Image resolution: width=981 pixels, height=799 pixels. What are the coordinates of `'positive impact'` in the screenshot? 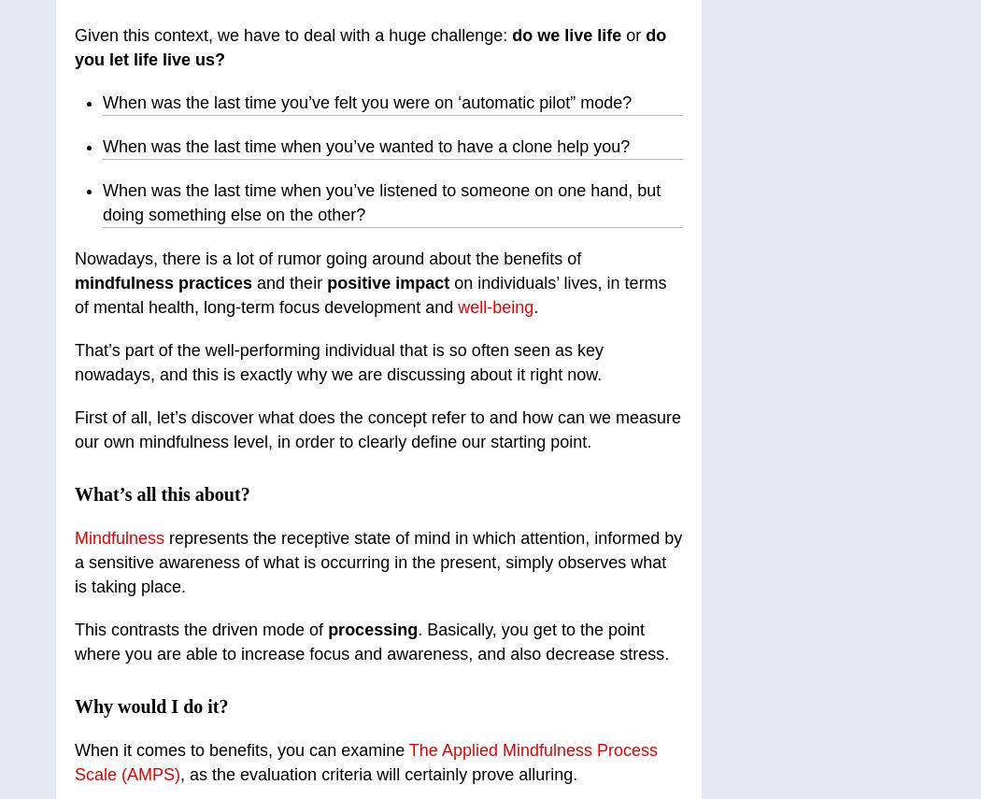 It's located at (390, 282).